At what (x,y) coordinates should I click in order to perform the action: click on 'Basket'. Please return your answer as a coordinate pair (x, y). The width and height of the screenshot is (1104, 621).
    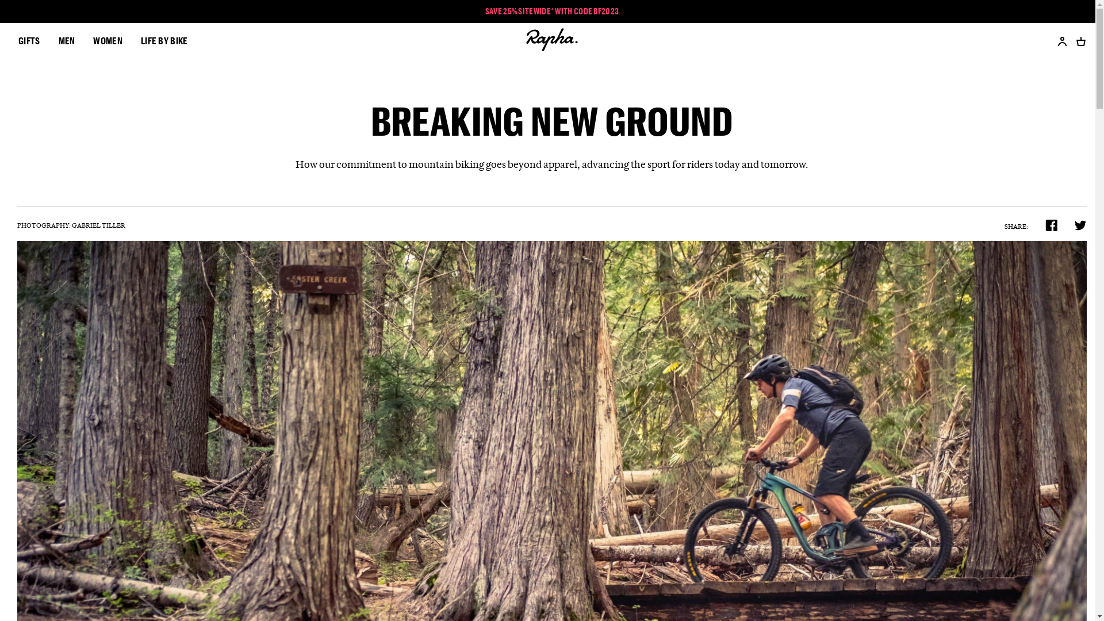
    Looking at the image, I should click on (1076, 41).